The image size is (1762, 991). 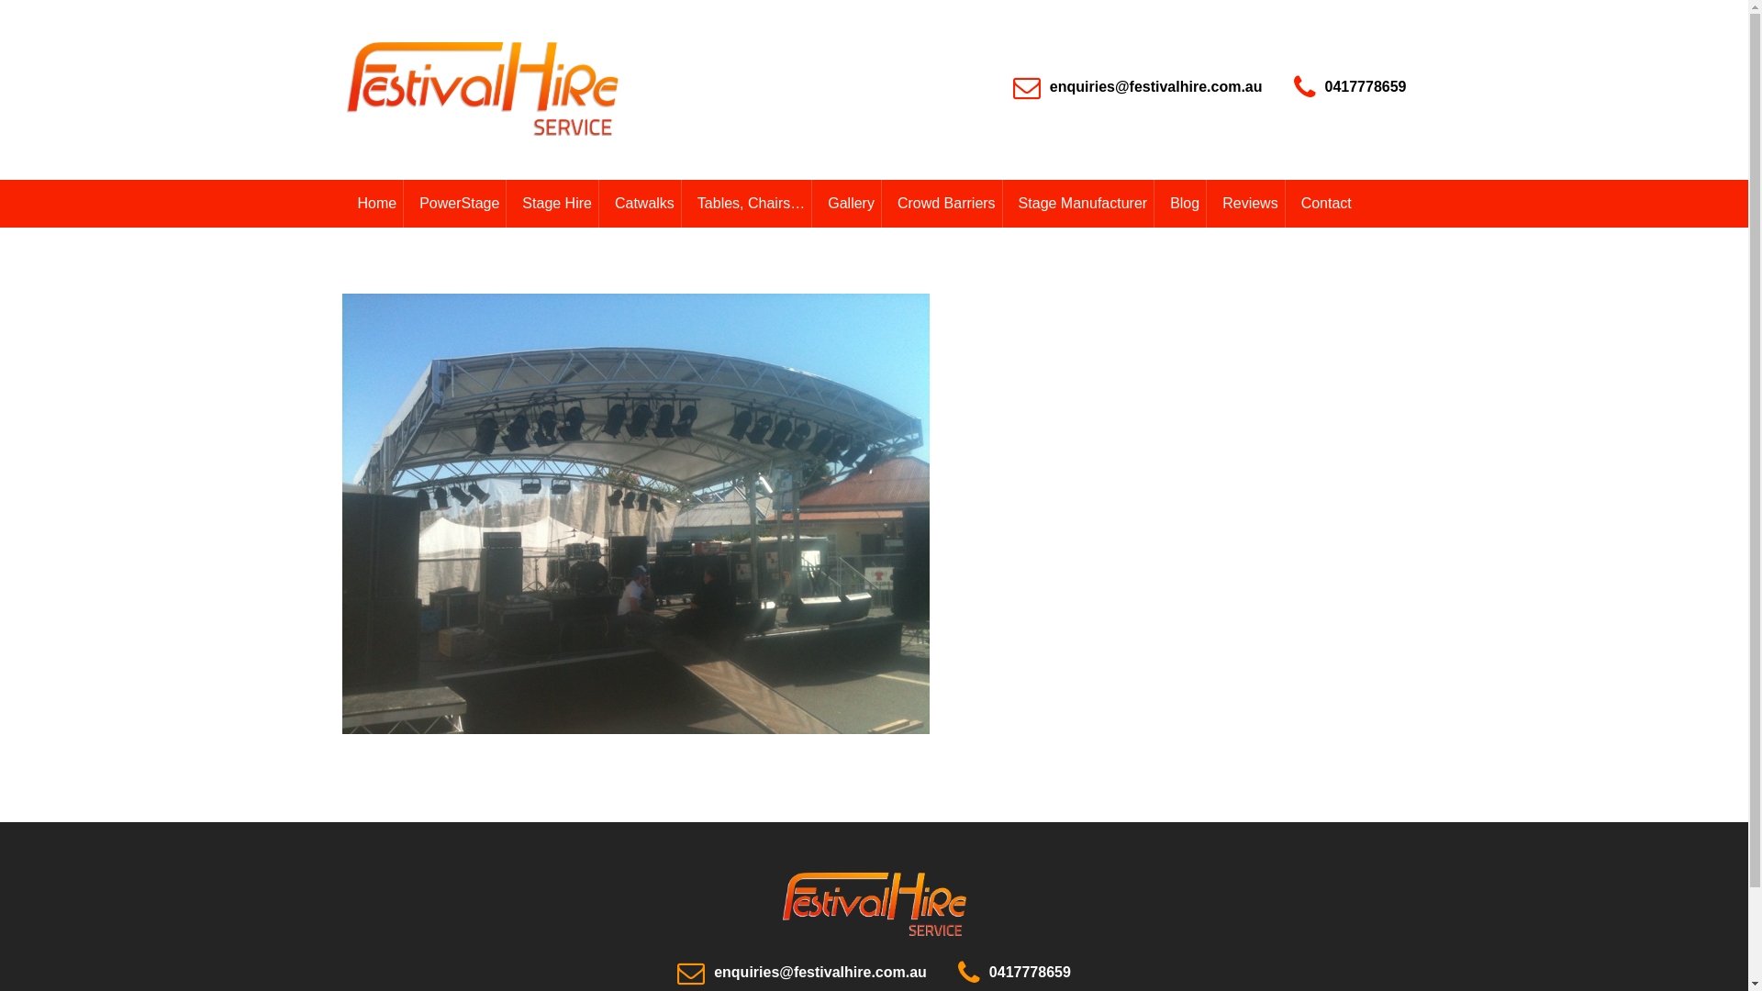 What do you see at coordinates (1000, 204) in the screenshot?
I see `'Stage Manufacturer'` at bounding box center [1000, 204].